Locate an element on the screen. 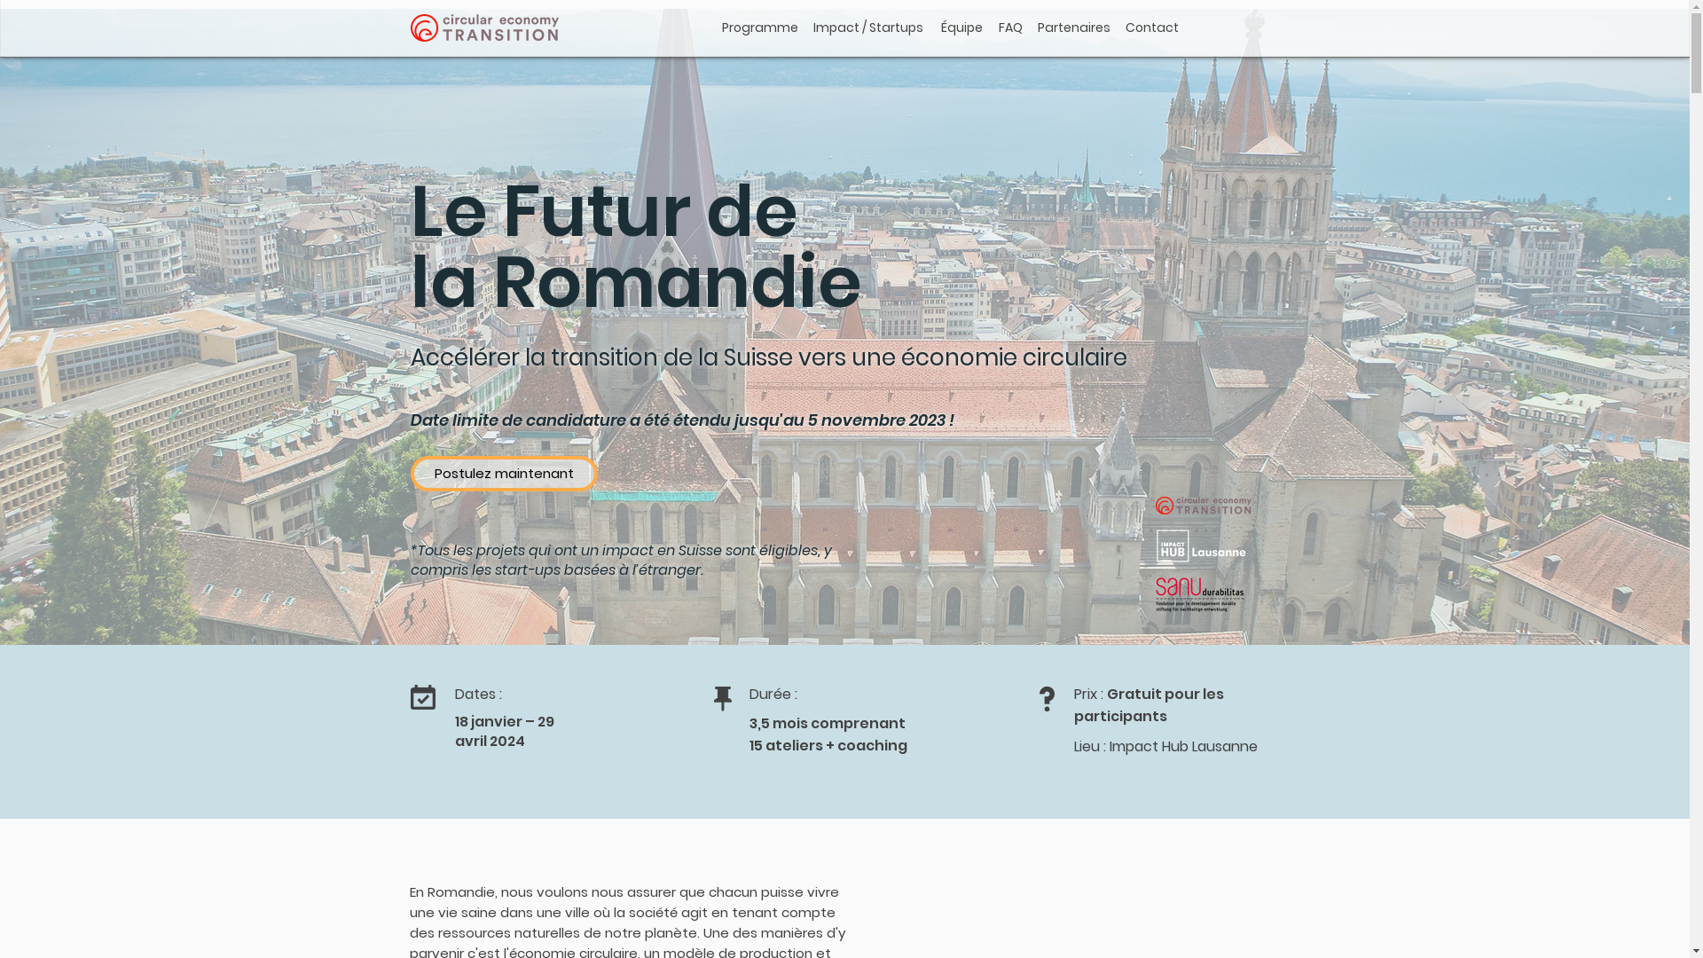  'Contact' is located at coordinates (1150, 27).